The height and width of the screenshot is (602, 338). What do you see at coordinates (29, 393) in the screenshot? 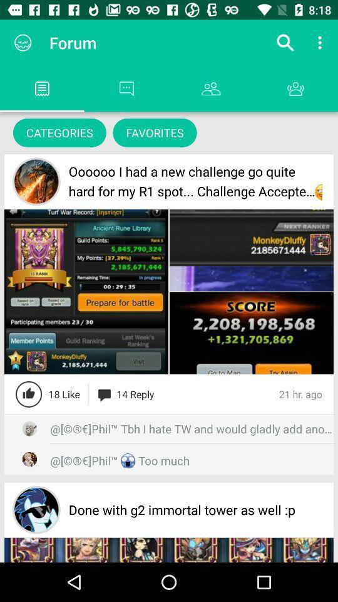
I see `like button` at bounding box center [29, 393].